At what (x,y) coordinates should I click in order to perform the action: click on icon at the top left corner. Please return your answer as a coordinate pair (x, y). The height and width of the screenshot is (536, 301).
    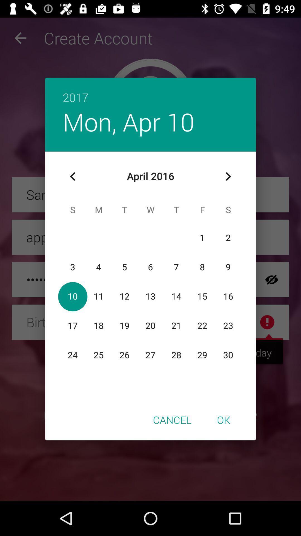
    Looking at the image, I should click on (72, 176).